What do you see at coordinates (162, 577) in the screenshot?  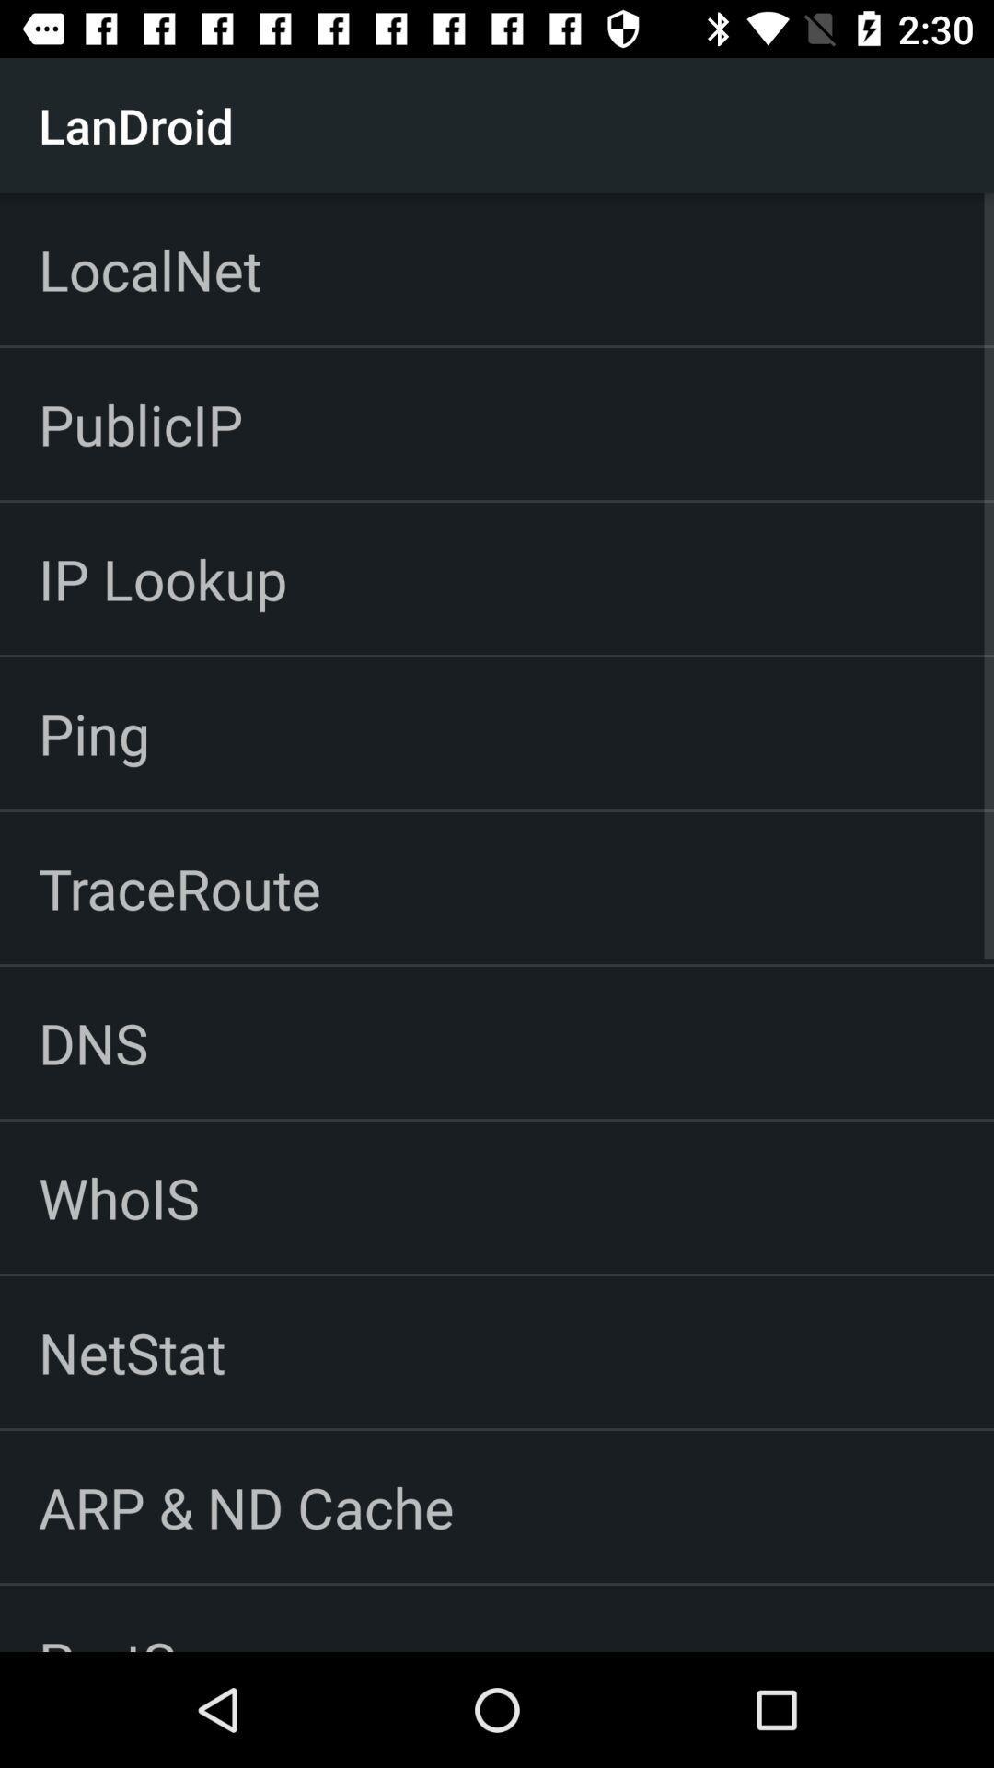 I see `ip lookup item` at bounding box center [162, 577].